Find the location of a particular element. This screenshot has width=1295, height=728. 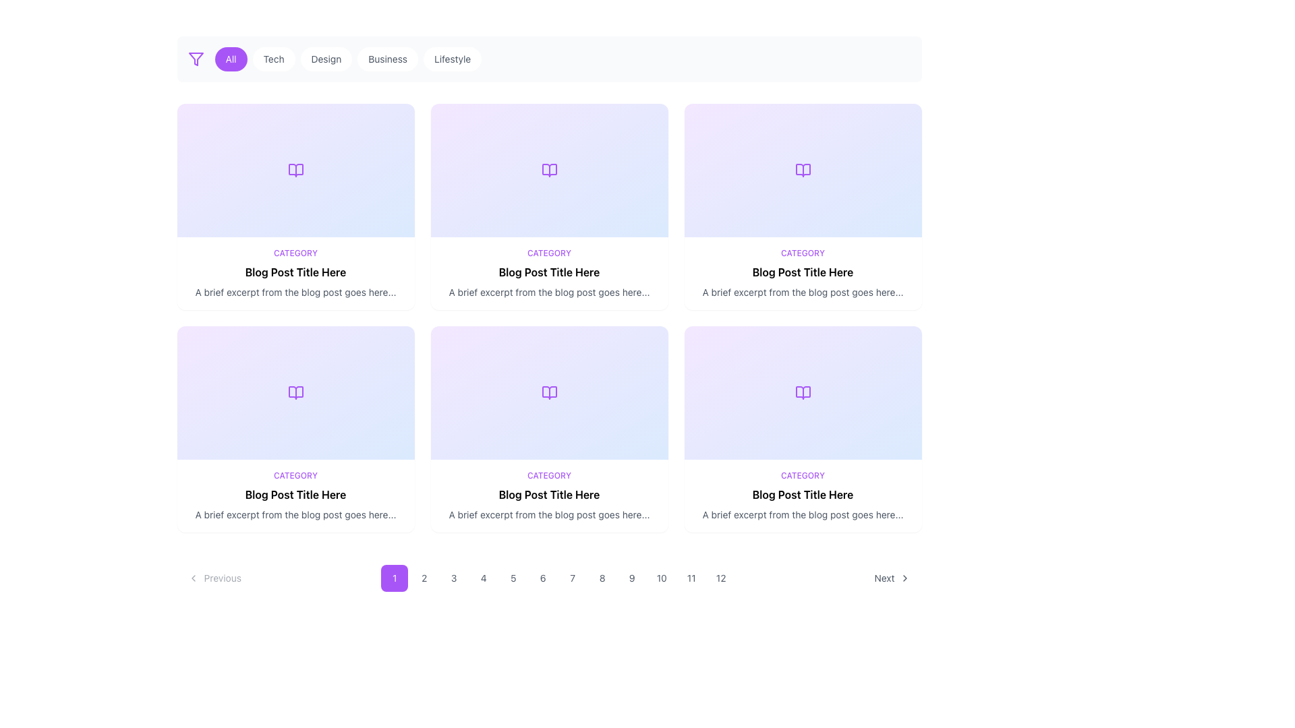

the decorative icon in the upper-left card of the grid layout, which represents content related to reading or literature is located at coordinates (295, 170).